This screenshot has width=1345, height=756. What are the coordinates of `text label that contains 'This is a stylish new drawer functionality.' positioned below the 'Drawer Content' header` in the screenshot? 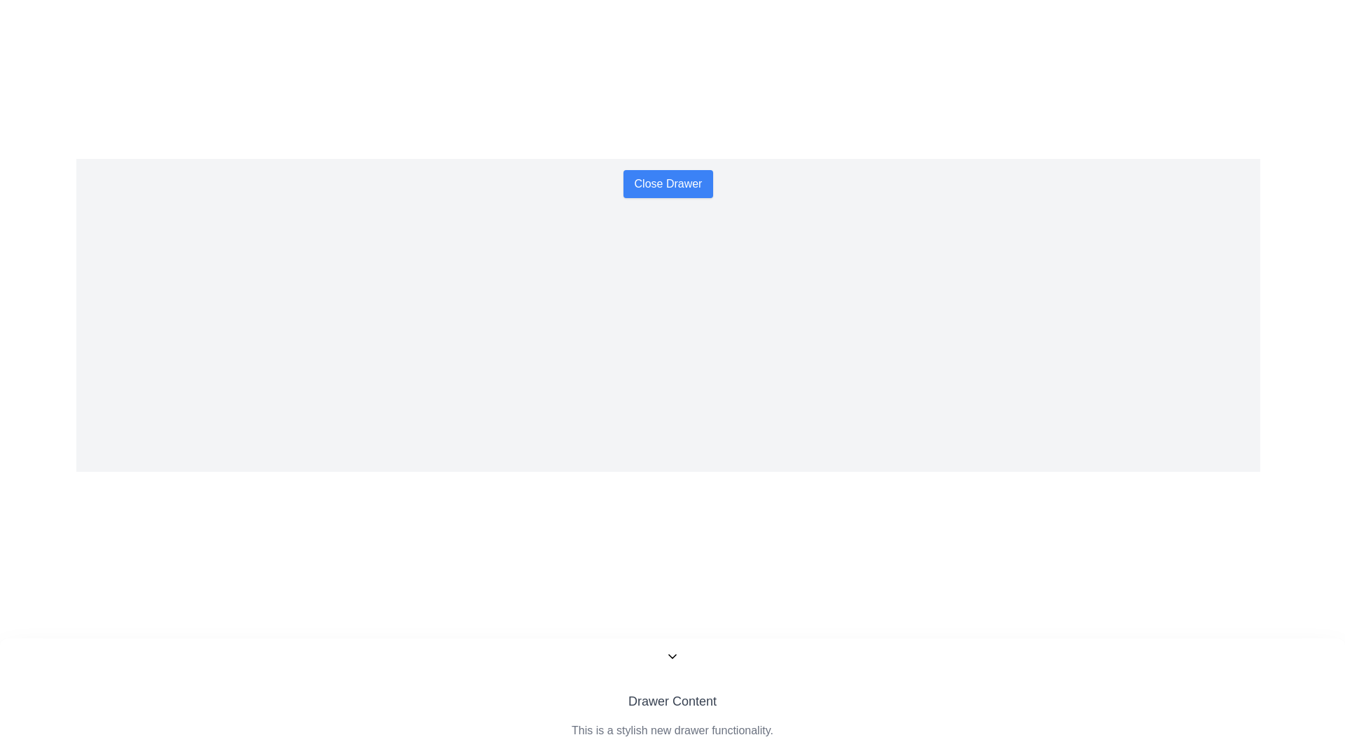 It's located at (672, 730).